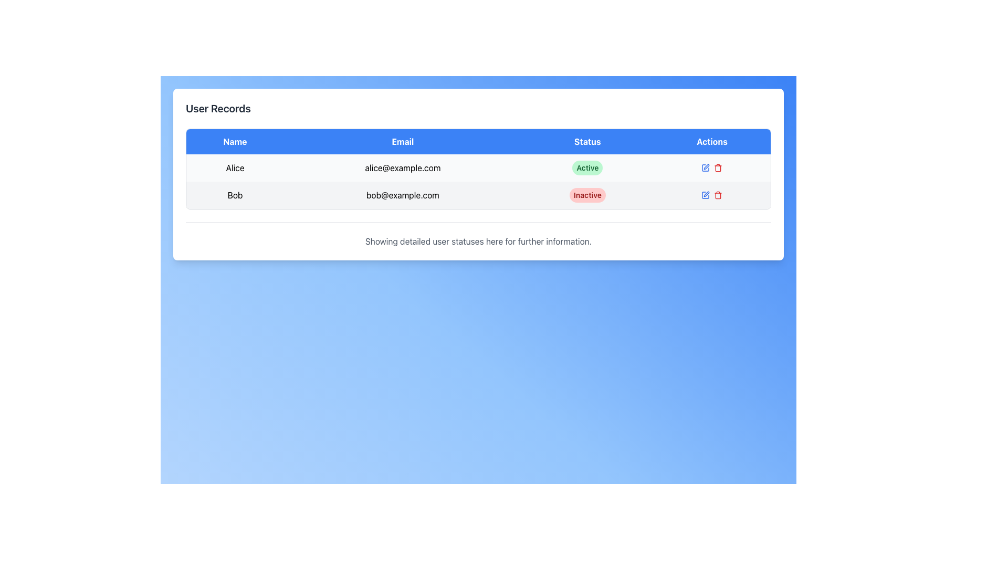 Image resolution: width=1008 pixels, height=567 pixels. Describe the element at coordinates (712, 195) in the screenshot. I see `the second icon in the 'Actions' column below the 'Inactive' status label for user 'Bob'` at that location.